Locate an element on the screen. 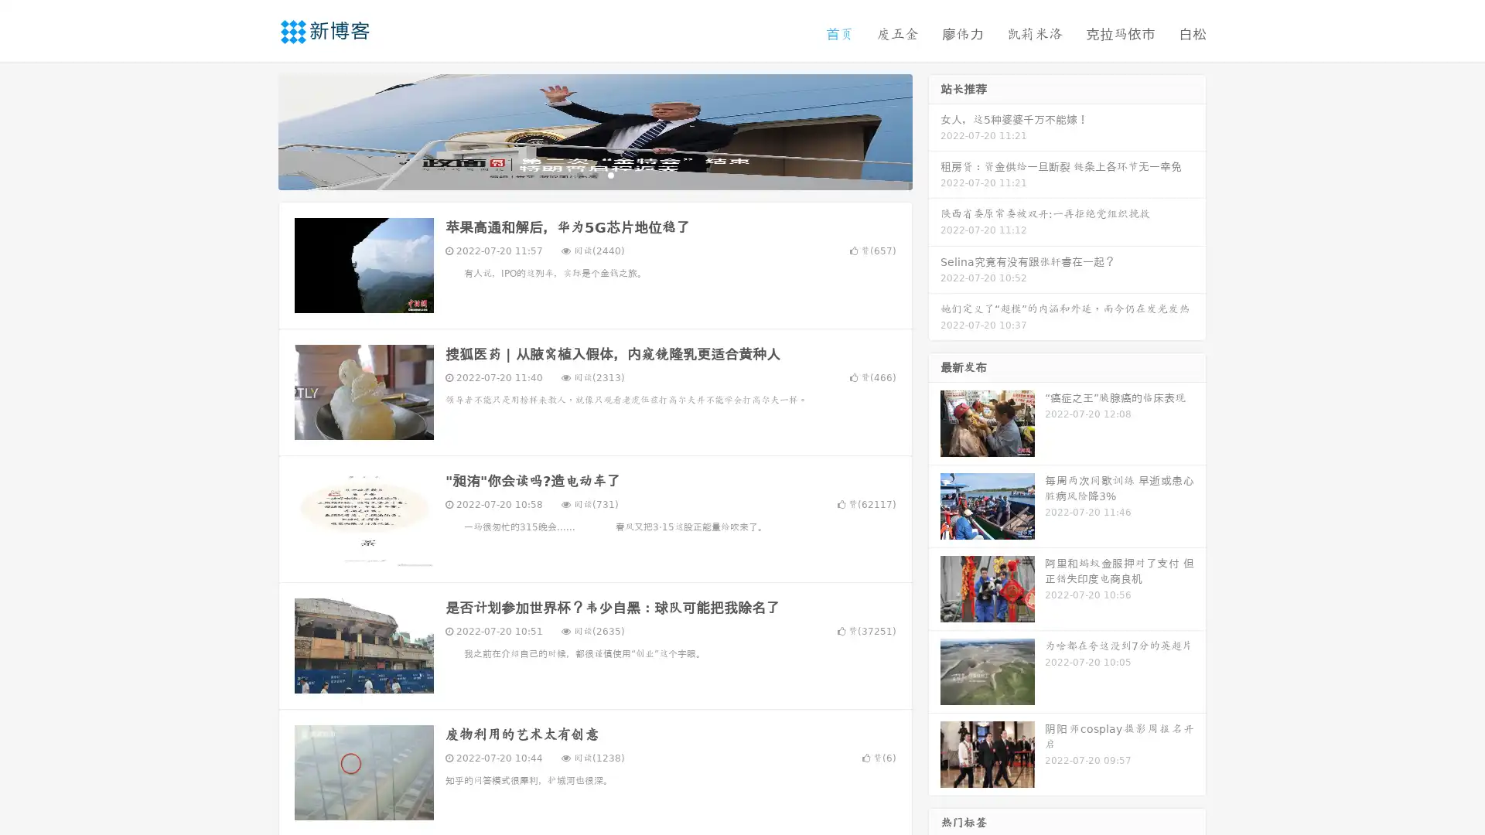 The image size is (1485, 835). Go to slide 1 is located at coordinates (579, 174).